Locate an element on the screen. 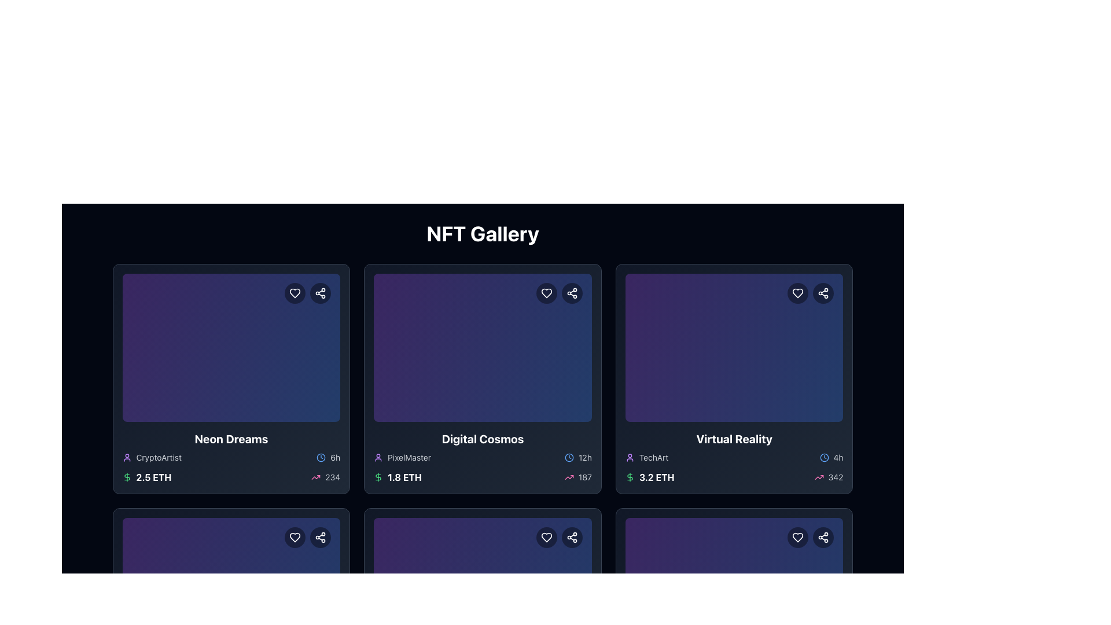 This screenshot has height=625, width=1111. the share icon styled as a connected nodes diagram, which is white and set against a black circular background, located in the top-right corner of the item card in the second position from the left in the top row is located at coordinates (572, 538).